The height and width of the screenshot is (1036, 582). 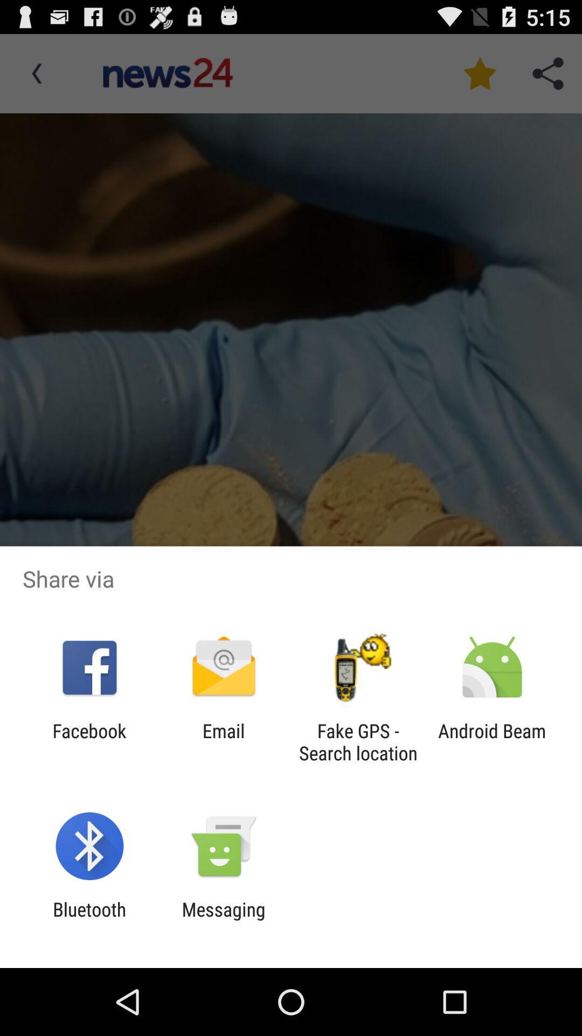 I want to click on item to the right of bluetooth, so click(x=223, y=920).